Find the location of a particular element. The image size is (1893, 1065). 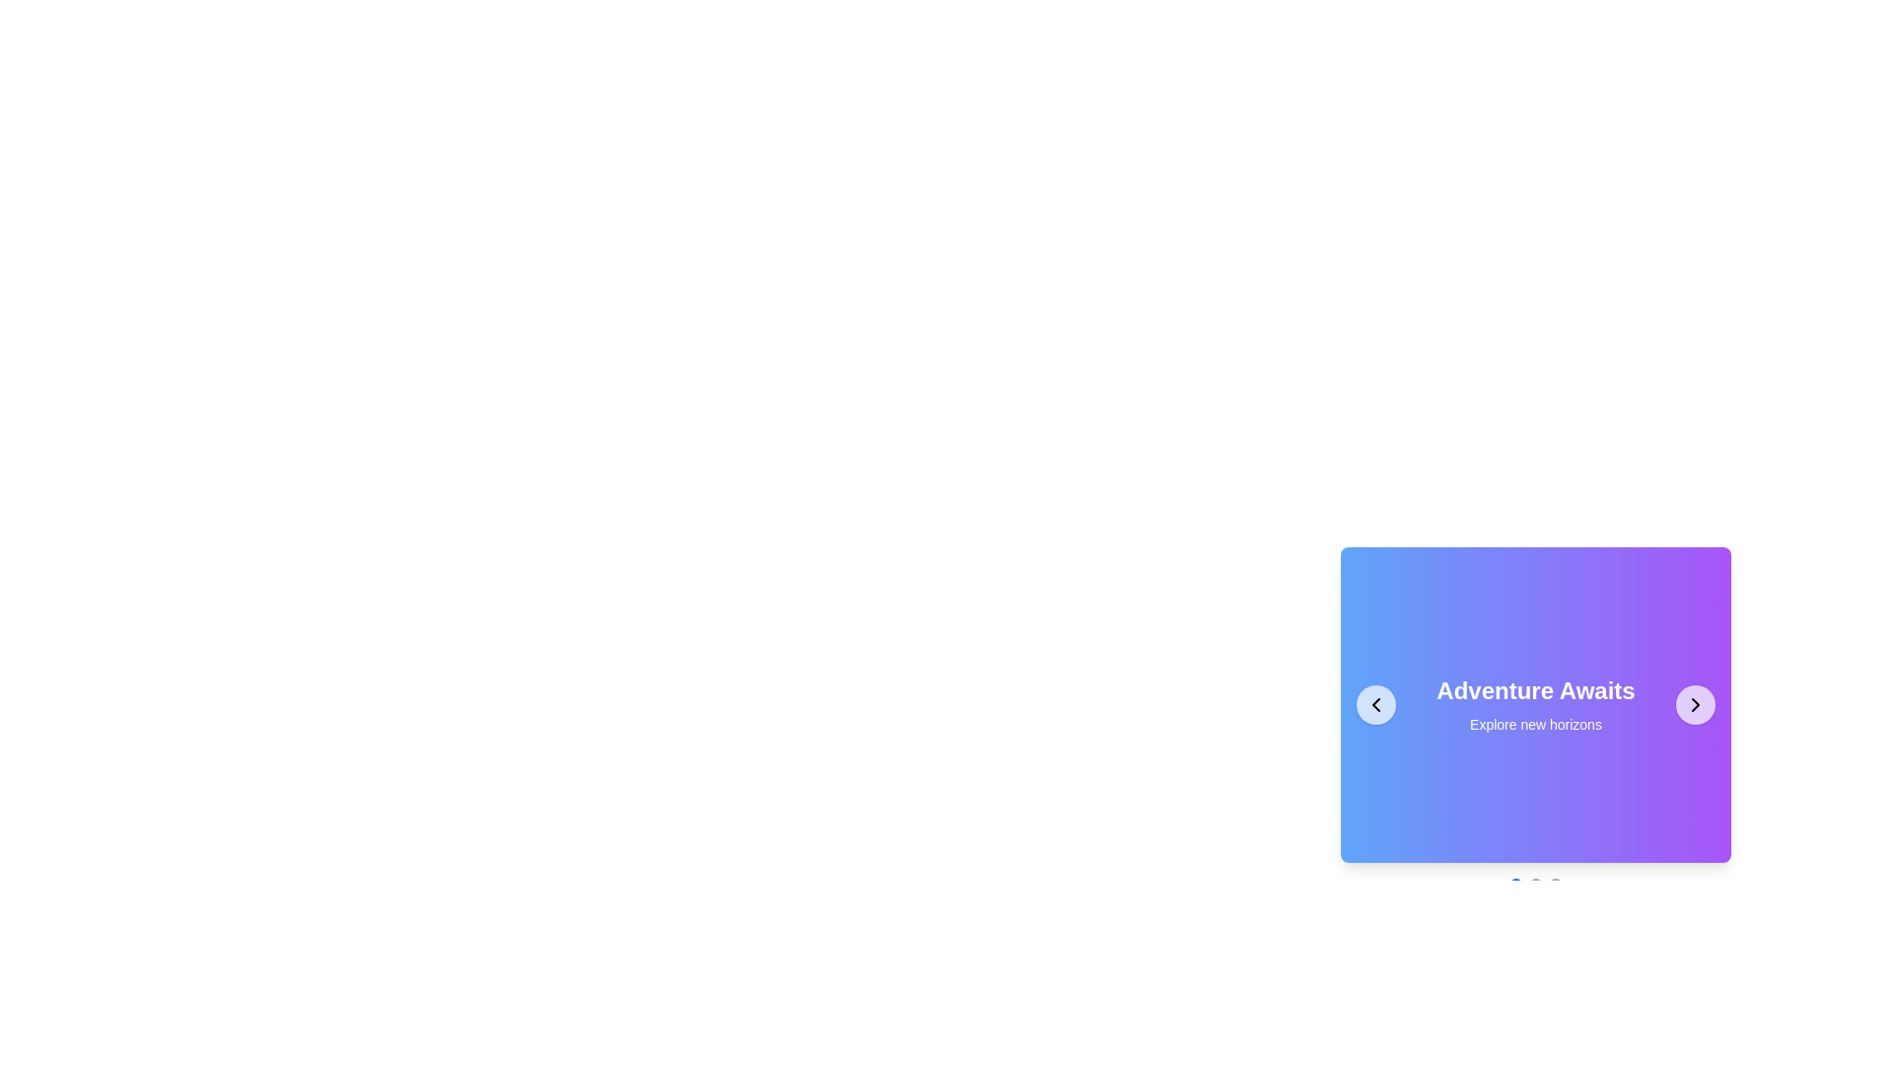

the leftward-pointing arrow icon contained within the circular button on the left side of the card interface is located at coordinates (1375, 703).